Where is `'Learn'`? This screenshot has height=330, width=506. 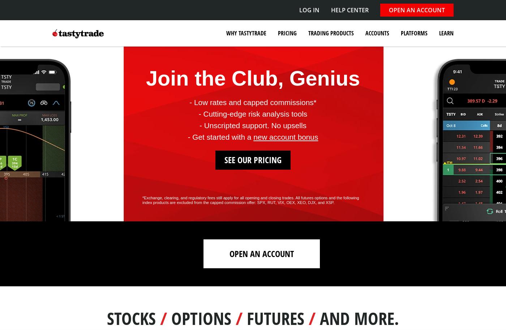 'Learn' is located at coordinates (446, 33).